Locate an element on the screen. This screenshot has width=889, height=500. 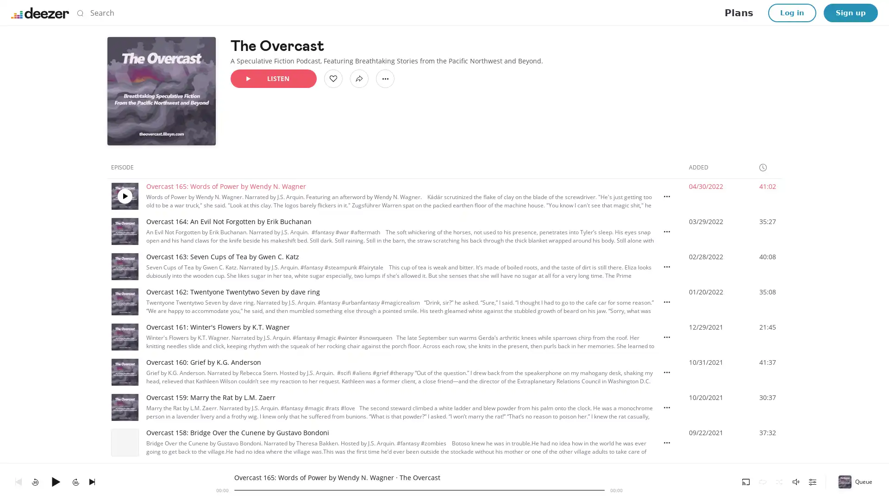
EPISODE is located at coordinates (126, 167).